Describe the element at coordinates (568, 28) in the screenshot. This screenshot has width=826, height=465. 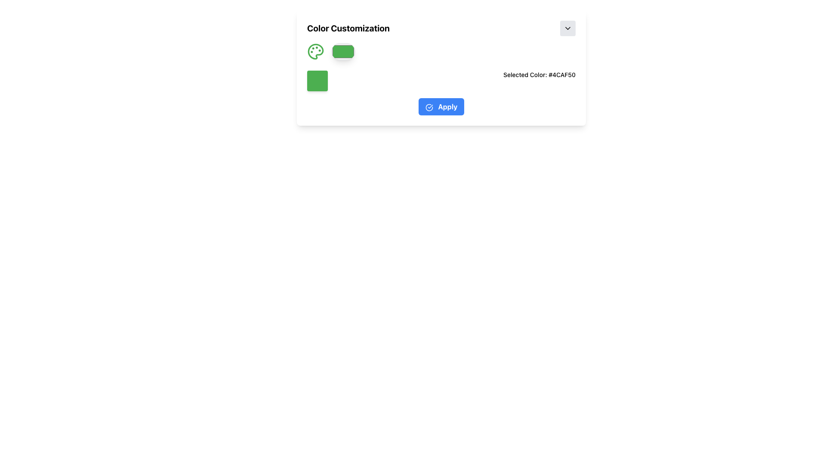
I see `the Dropdown Icon, a small downward-pointing chevron styled with a minimalist design located in the upper-right corner of the Color Customization panel` at that location.